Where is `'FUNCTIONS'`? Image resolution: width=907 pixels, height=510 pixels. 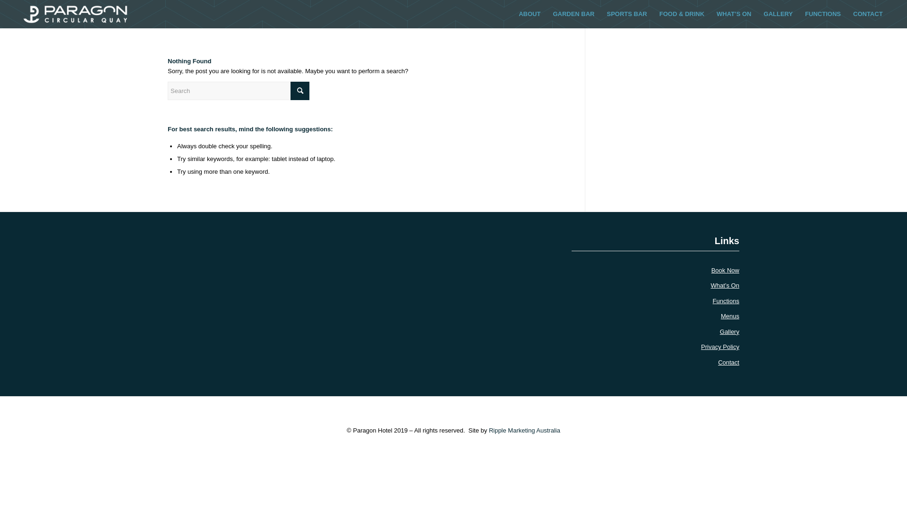
'FUNCTIONS' is located at coordinates (822, 14).